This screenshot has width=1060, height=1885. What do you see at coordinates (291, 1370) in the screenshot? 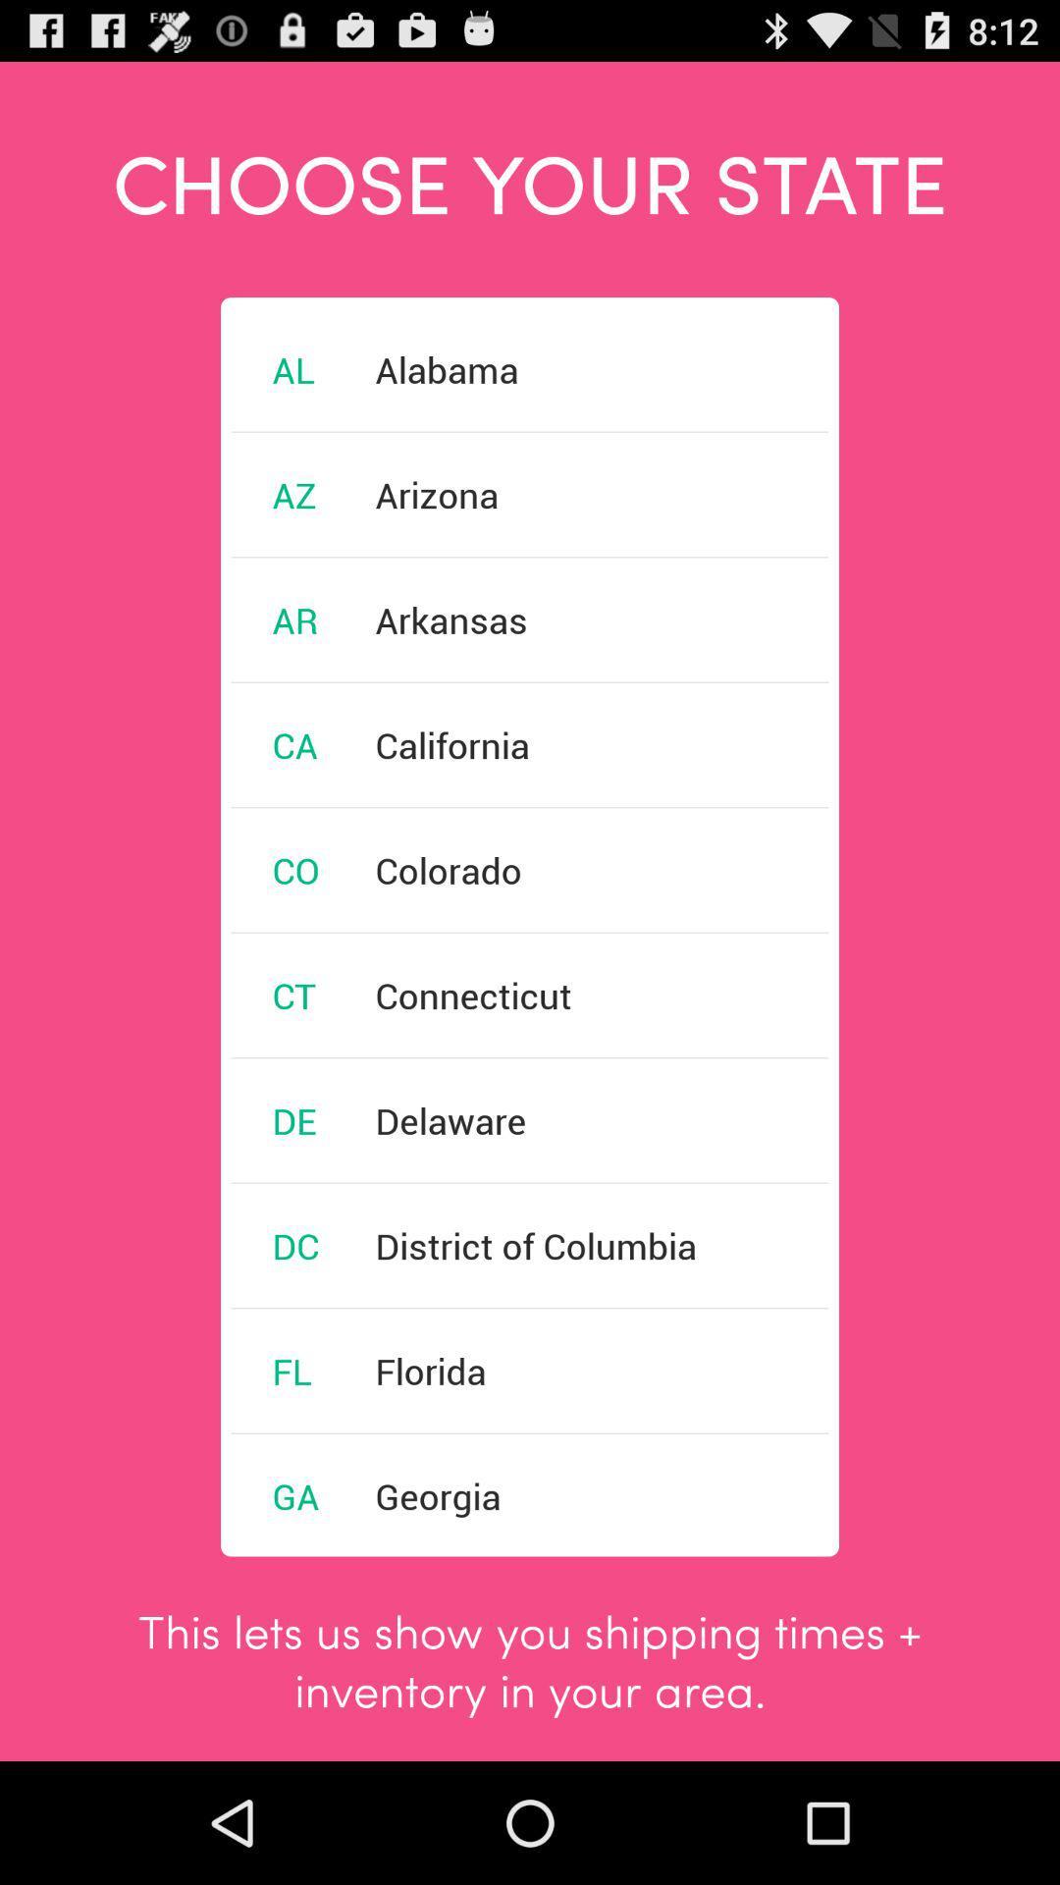
I see `fl icon` at bounding box center [291, 1370].